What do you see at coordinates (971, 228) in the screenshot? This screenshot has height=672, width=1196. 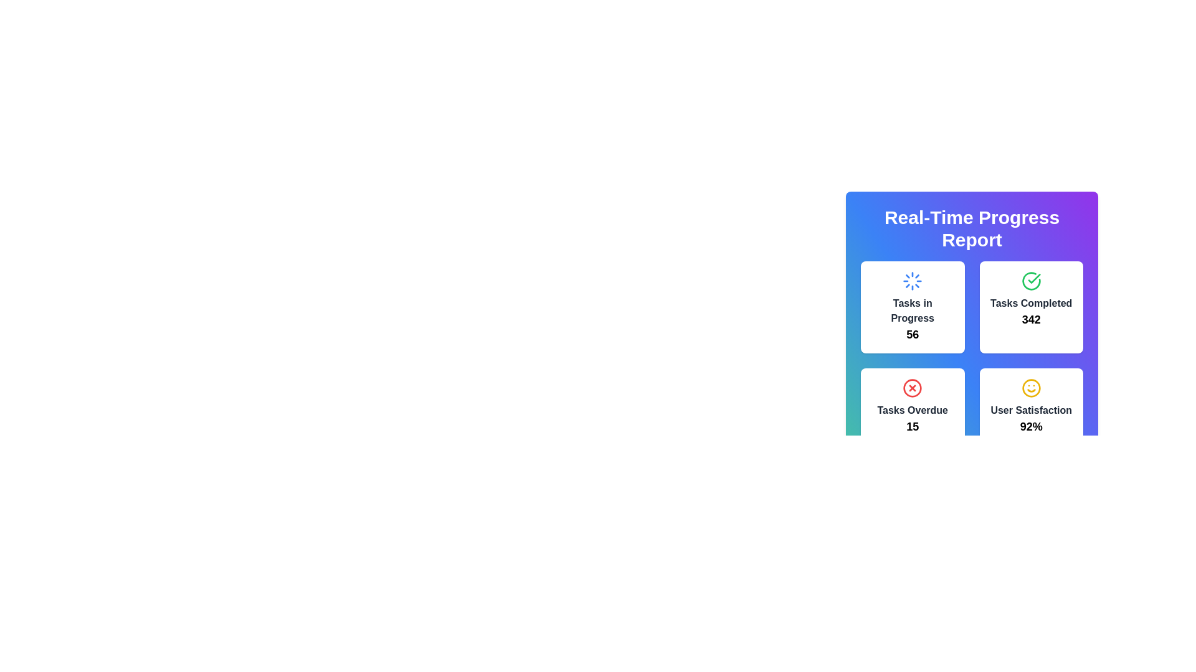 I see `the textual header element displaying 'Real-Time Progress Report', which is styled with a bold, white font on a multicolor gradient background, located at the top of the panel containing task metrics` at bounding box center [971, 228].